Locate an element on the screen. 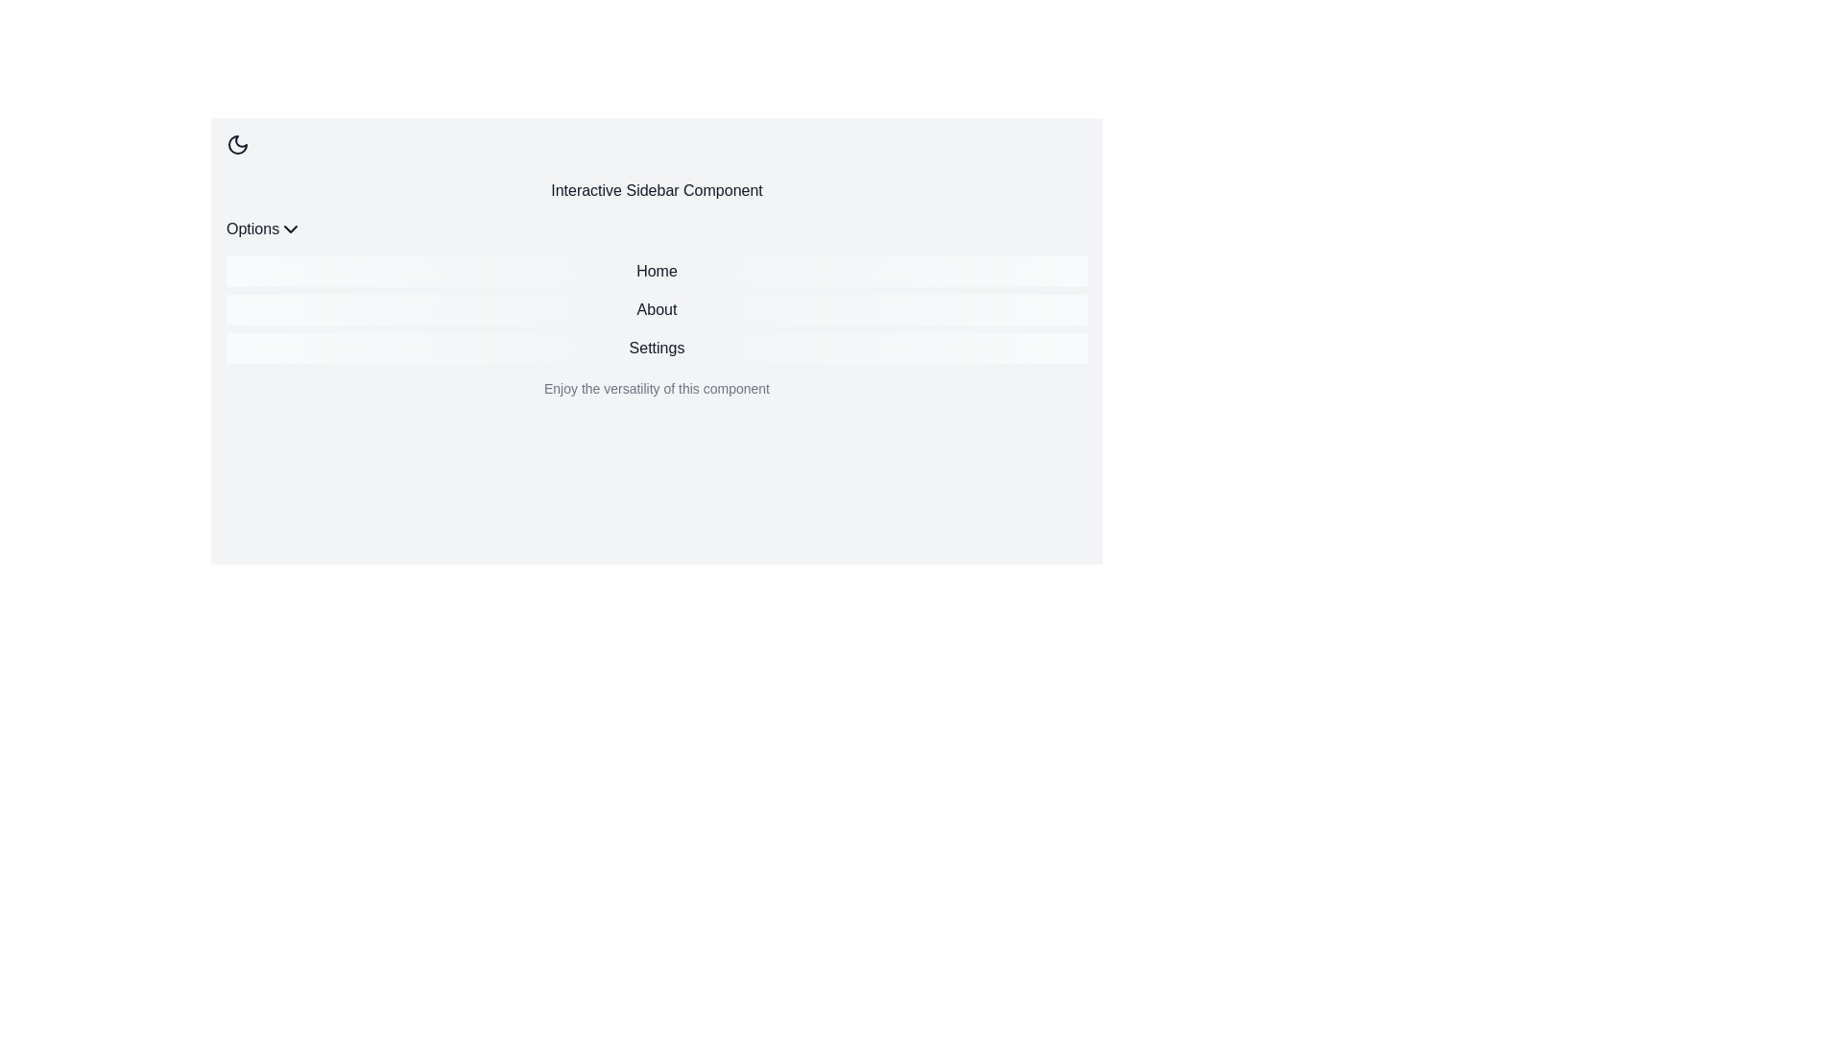 The height and width of the screenshot is (1037, 1843). the informational text label located at the bottom of the sidebar content, which provides context or highlights a feature related to the component is located at coordinates (657, 389).